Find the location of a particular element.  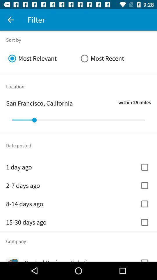

icon below sort by icon is located at coordinates (115, 58).